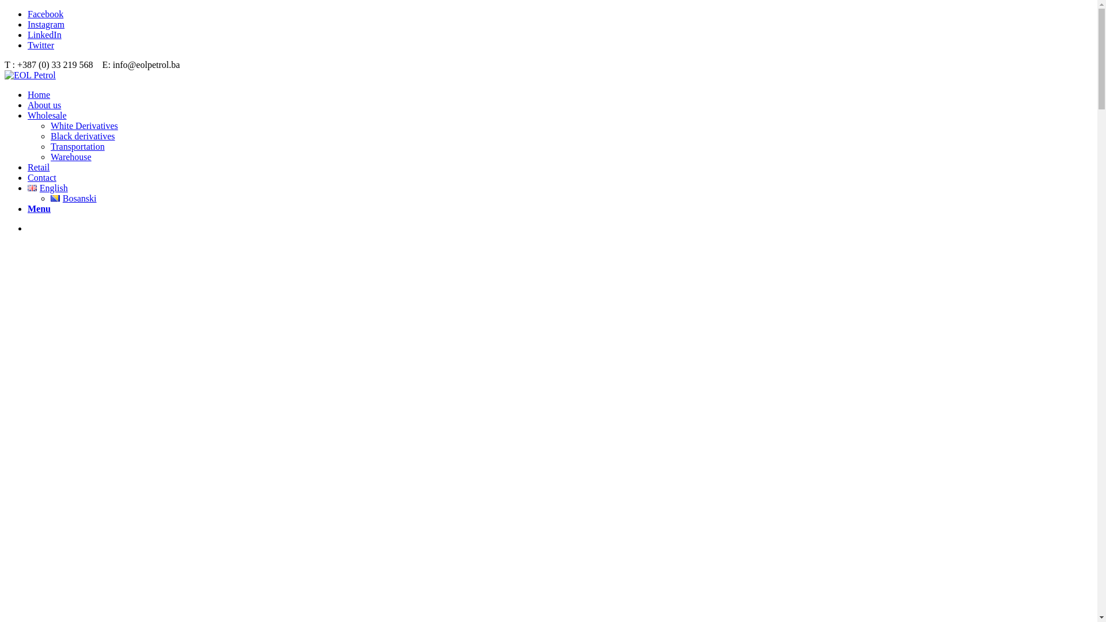 The image size is (1106, 622). What do you see at coordinates (50, 135) in the screenshot?
I see `'Black derivatives'` at bounding box center [50, 135].